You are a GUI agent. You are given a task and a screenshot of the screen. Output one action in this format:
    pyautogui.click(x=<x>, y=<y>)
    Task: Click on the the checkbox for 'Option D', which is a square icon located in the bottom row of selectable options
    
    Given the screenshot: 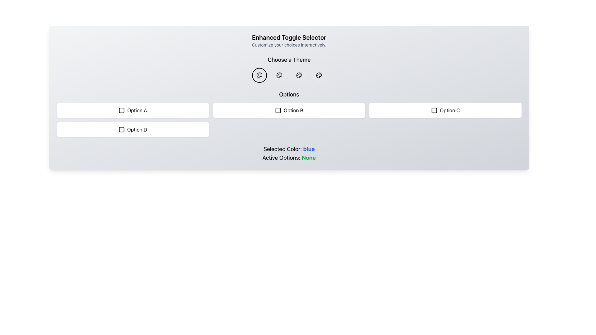 What is the action you would take?
    pyautogui.click(x=121, y=129)
    